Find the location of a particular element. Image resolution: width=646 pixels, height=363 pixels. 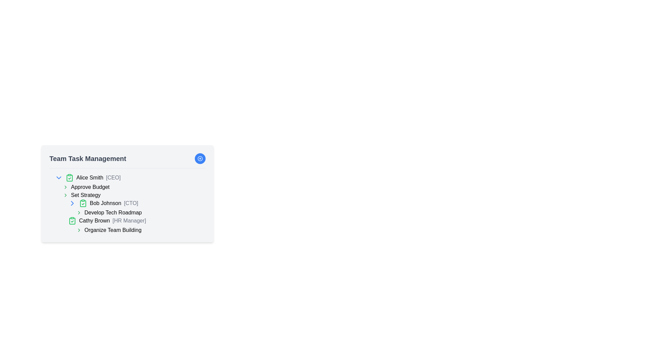

the hierarchical task item representing a person's responsibilities in the 'Team Task Management' list, located between 'Set Strategy' and 'Cathy Brown [HR Manager] Organize Team Building' is located at coordinates (137, 207).